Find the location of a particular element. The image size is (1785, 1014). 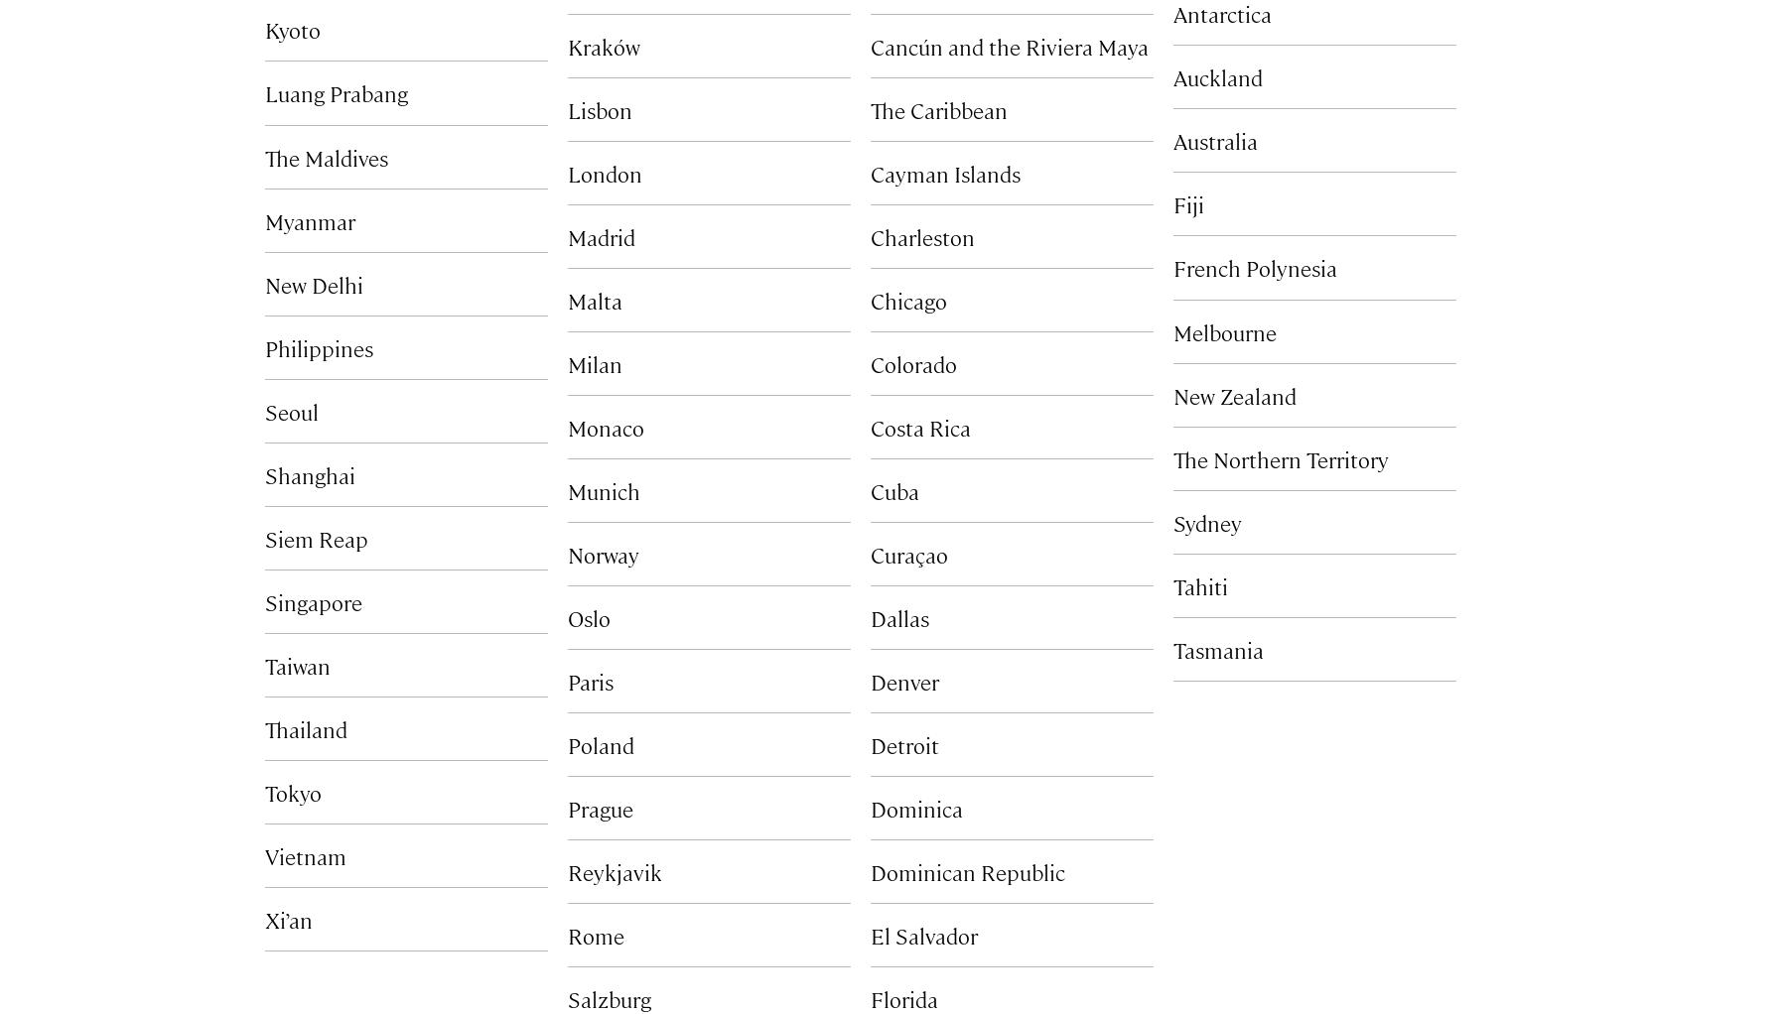

'Poland' is located at coordinates (600, 743).